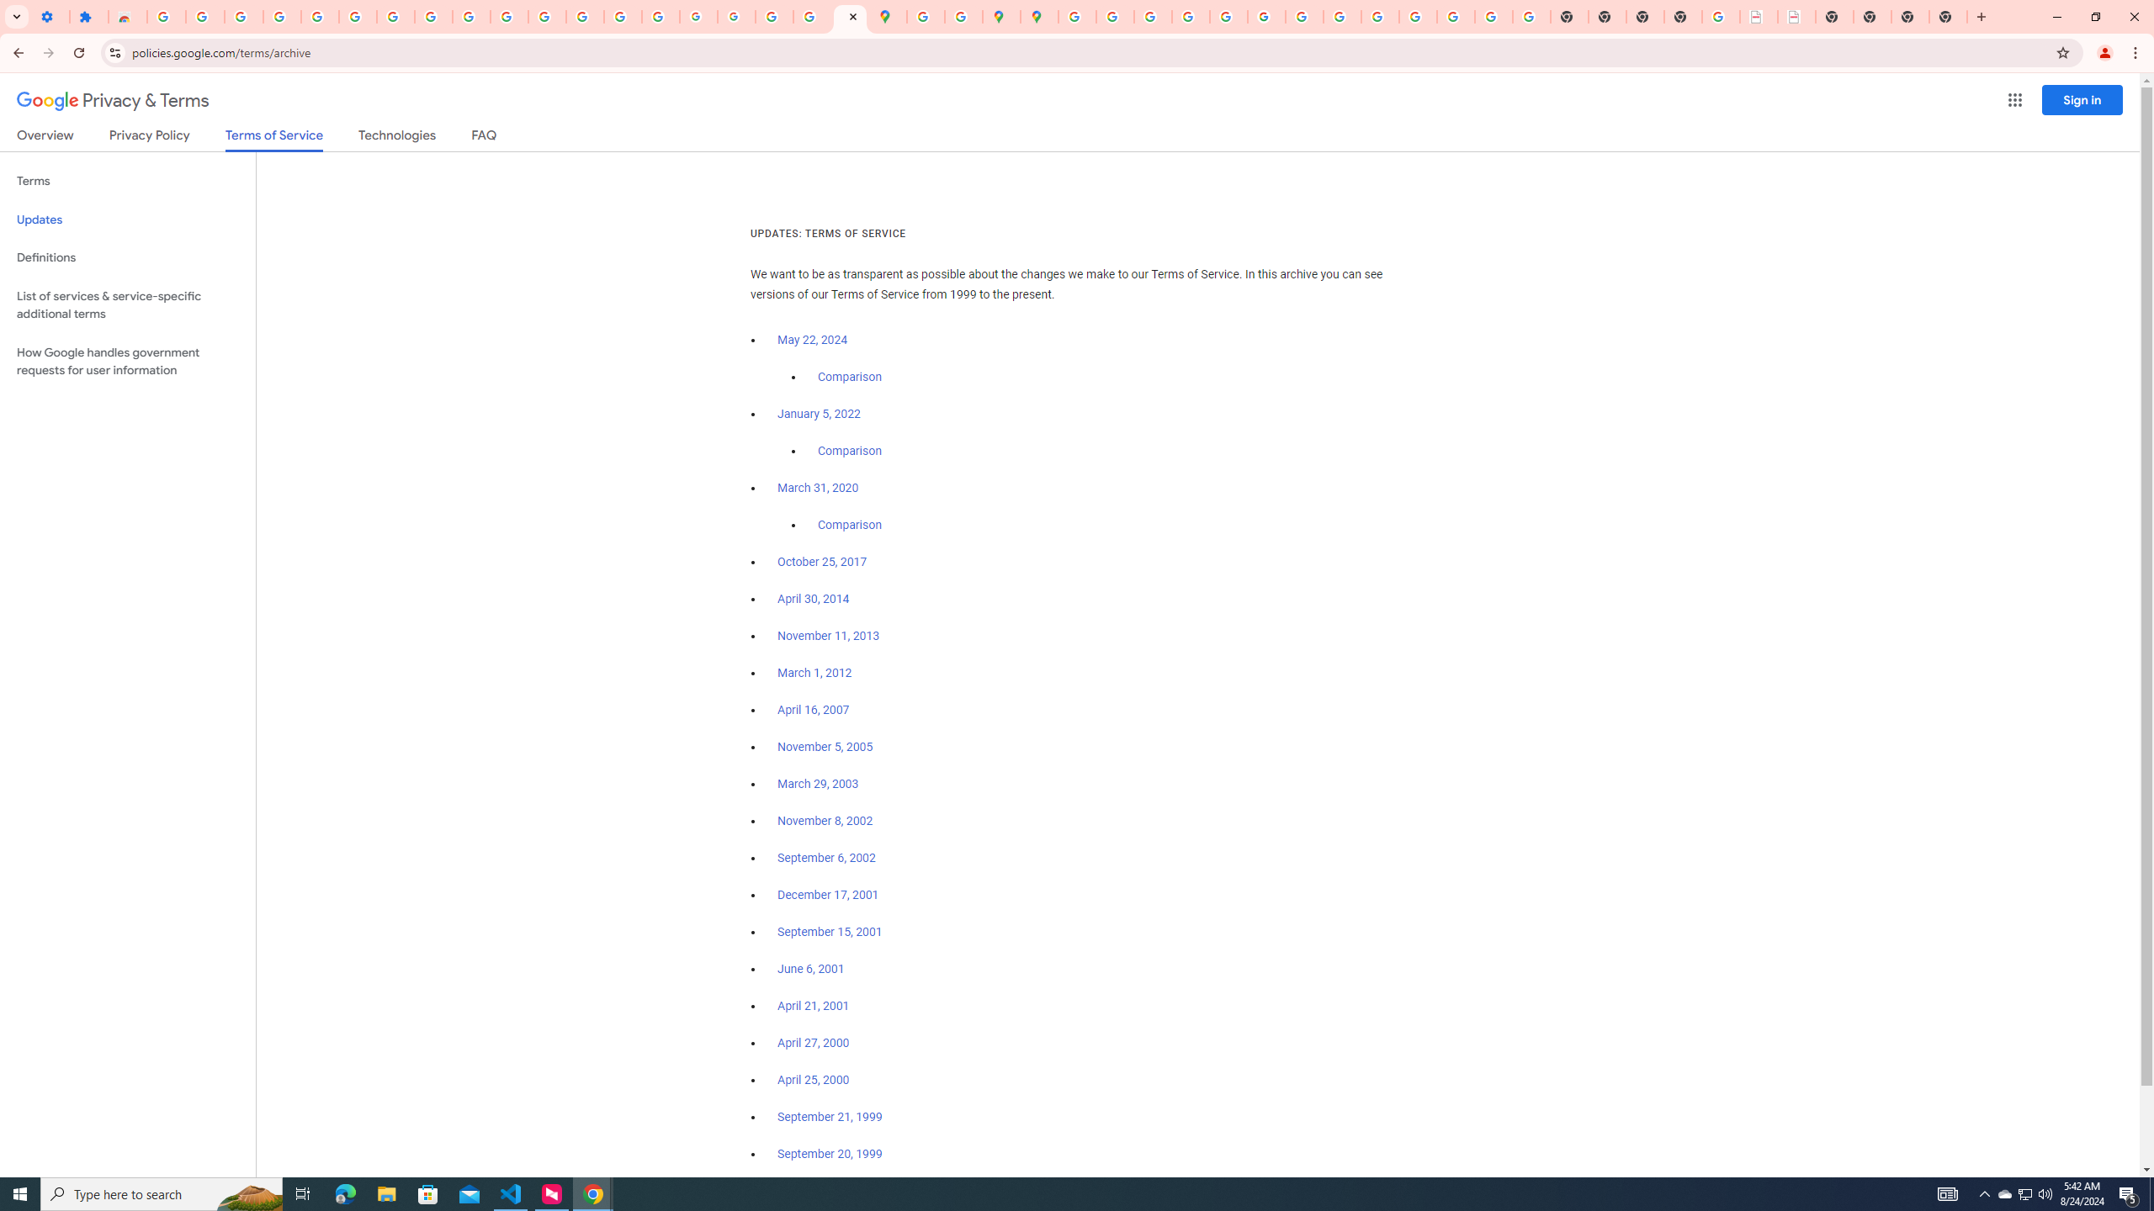  What do you see at coordinates (809, 969) in the screenshot?
I see `'June 6, 2001'` at bounding box center [809, 969].